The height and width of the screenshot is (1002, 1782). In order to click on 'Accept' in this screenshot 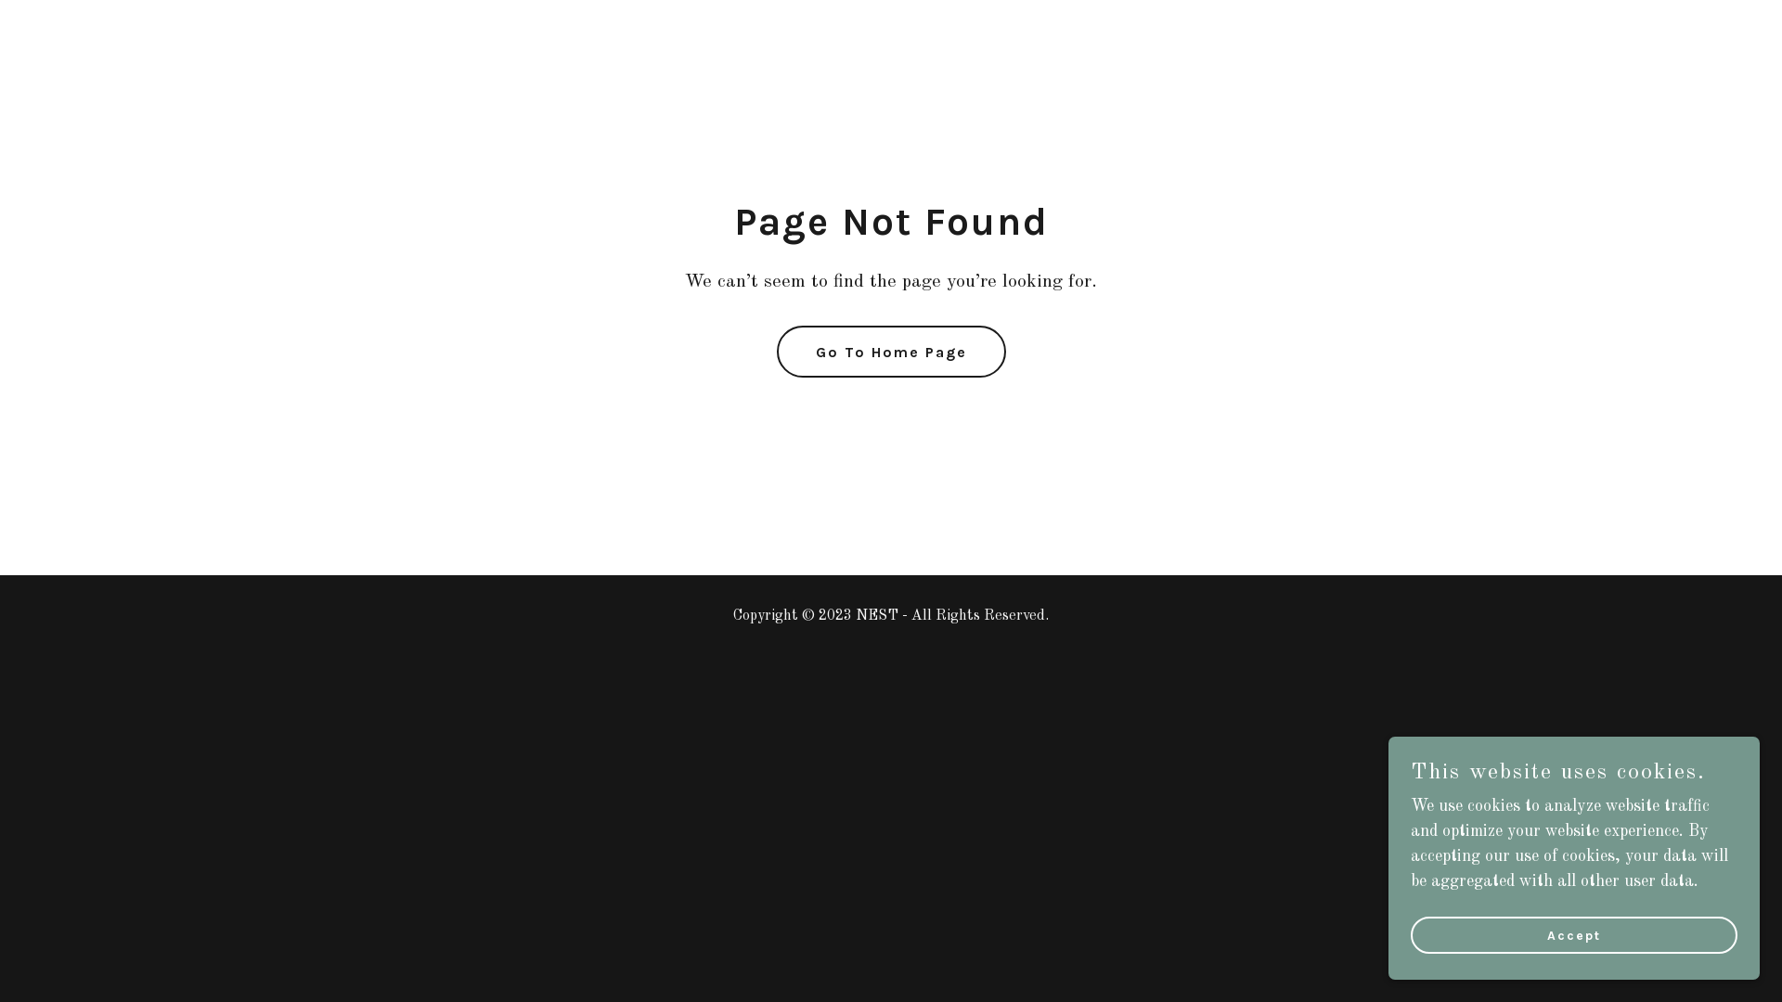, I will do `click(1572, 934)`.